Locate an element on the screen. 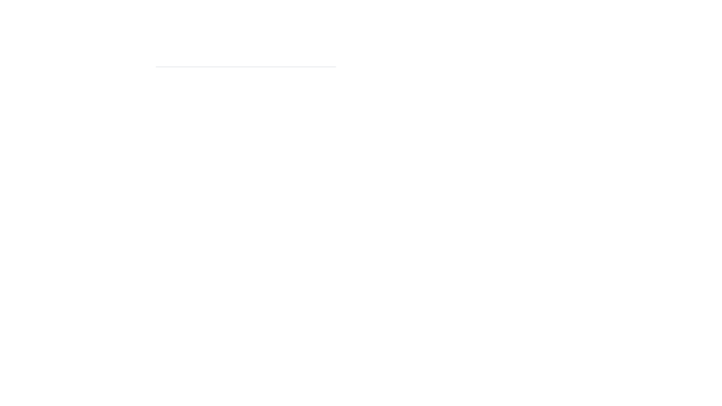 Image resolution: width=722 pixels, height=406 pixels. the previous slide button in the carousel by tabbing to it is located at coordinates (166, 66).